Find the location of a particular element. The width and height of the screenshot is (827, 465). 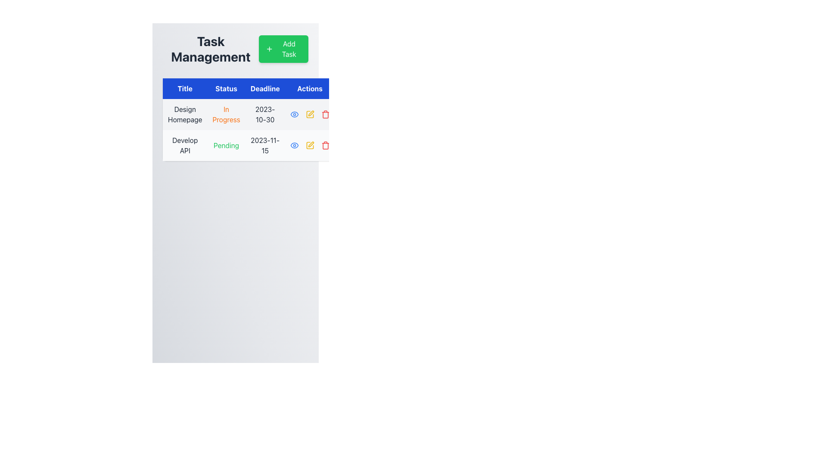

the edit icon located in the 'Actions' column of the second row in the table, which is positioned between a blue eye icon and a red trash icon, to initiate edit mode for the task 'Develop API' is located at coordinates (310, 145).